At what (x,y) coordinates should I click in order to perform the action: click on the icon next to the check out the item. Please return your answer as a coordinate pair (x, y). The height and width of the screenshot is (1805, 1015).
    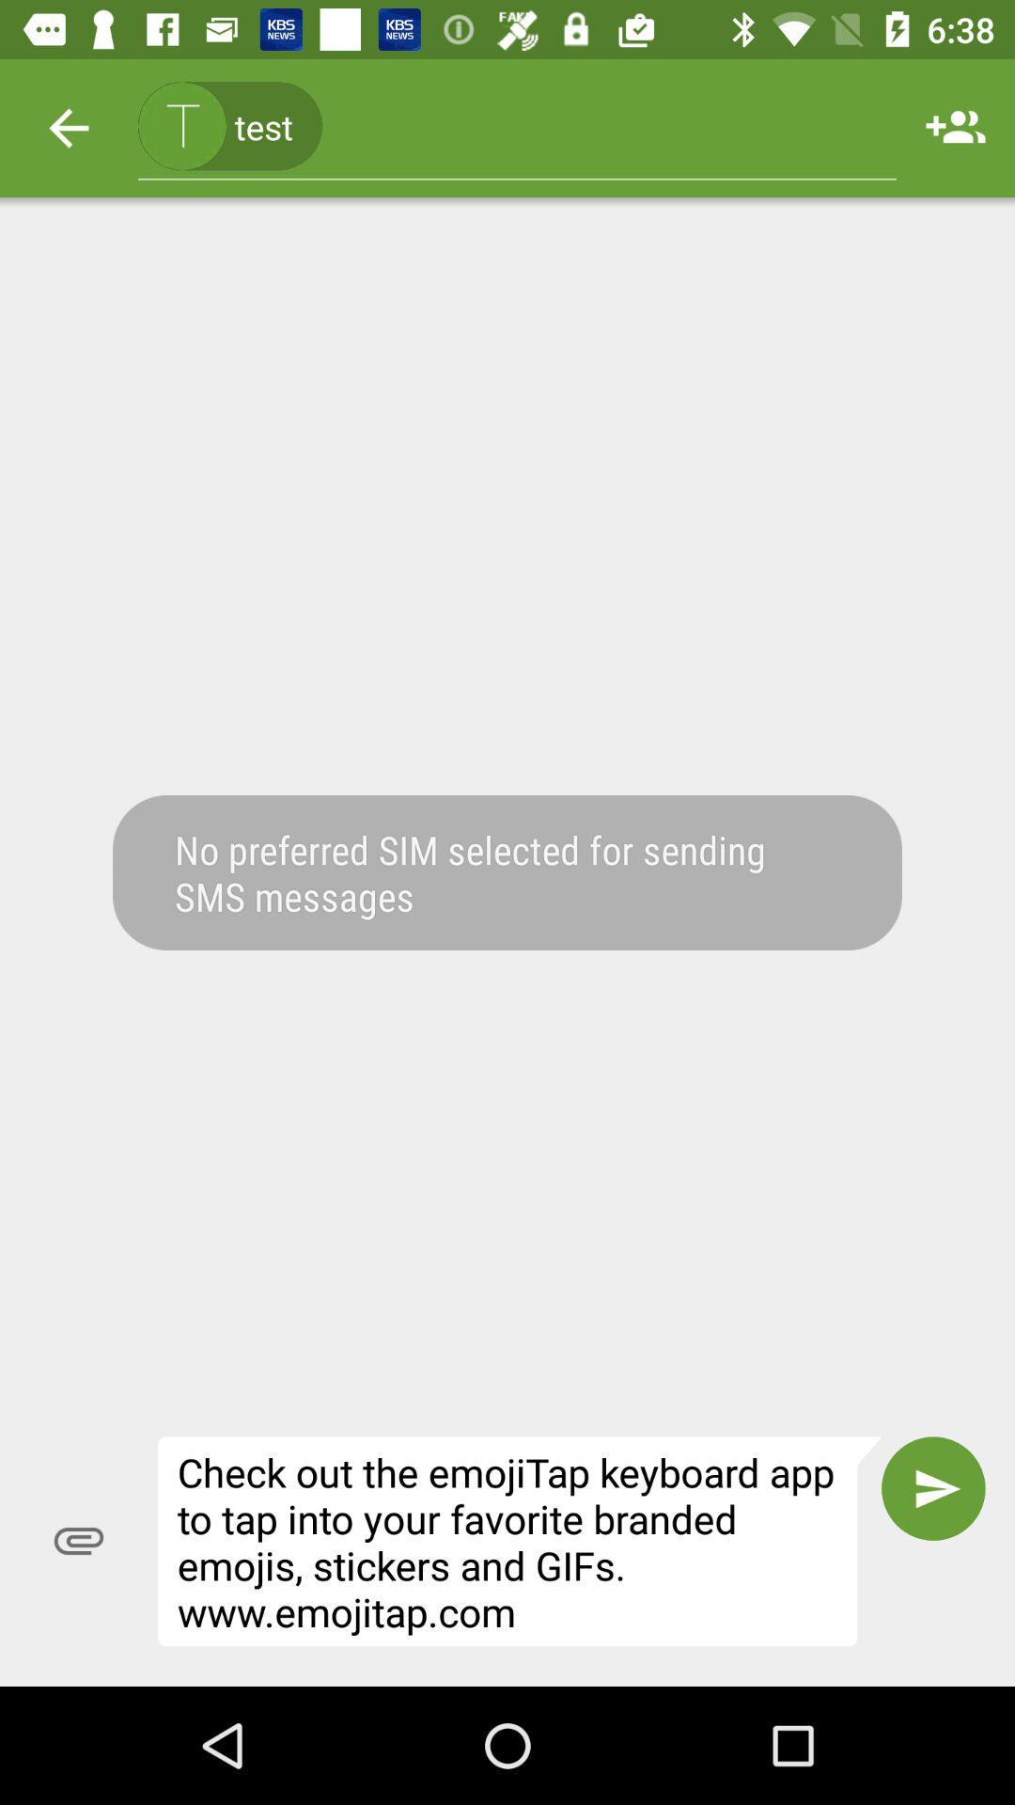
    Looking at the image, I should click on (933, 1487).